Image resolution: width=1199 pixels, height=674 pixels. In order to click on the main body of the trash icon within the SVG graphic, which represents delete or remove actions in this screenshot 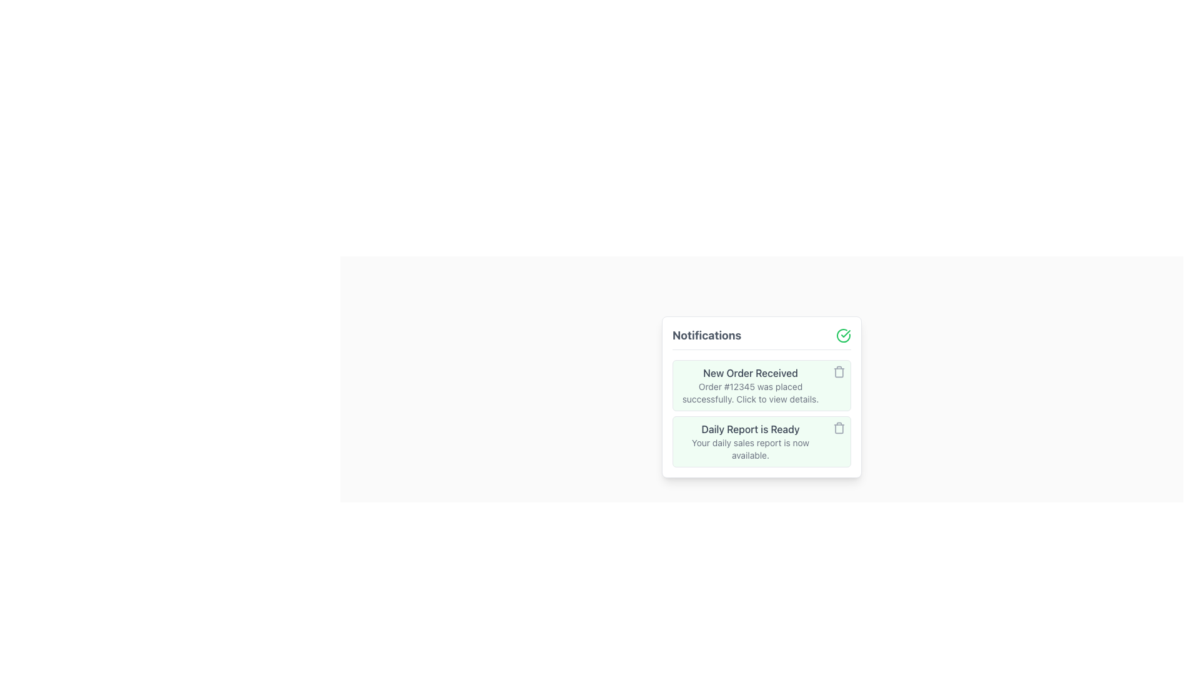, I will do `click(839, 427)`.